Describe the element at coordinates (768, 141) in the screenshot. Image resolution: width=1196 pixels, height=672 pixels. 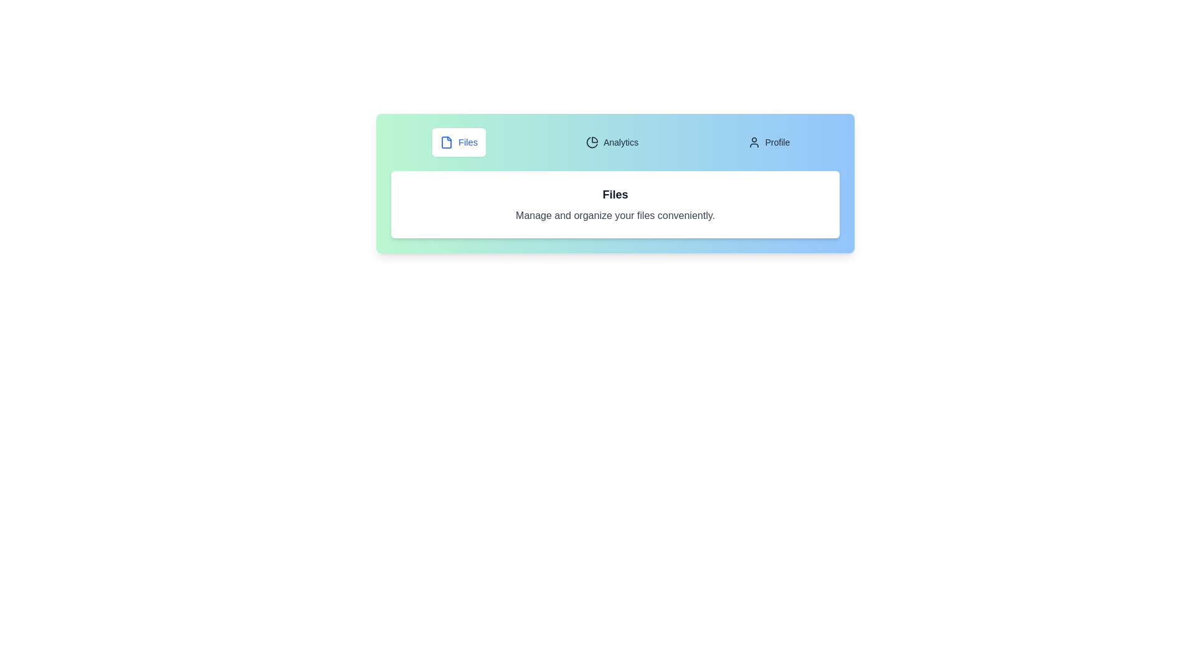
I see `the tab labeled Profile to switch to that tab` at that location.